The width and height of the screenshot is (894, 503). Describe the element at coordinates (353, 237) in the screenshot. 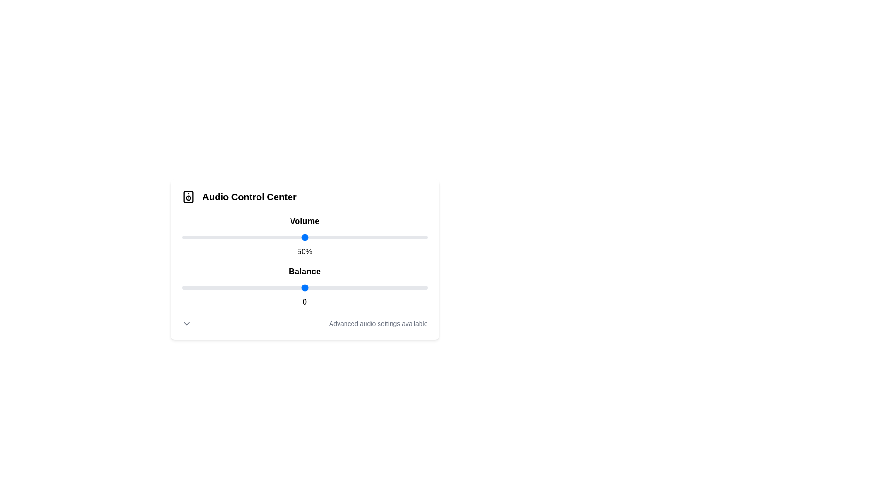

I see `the volume slider to 70%` at that location.